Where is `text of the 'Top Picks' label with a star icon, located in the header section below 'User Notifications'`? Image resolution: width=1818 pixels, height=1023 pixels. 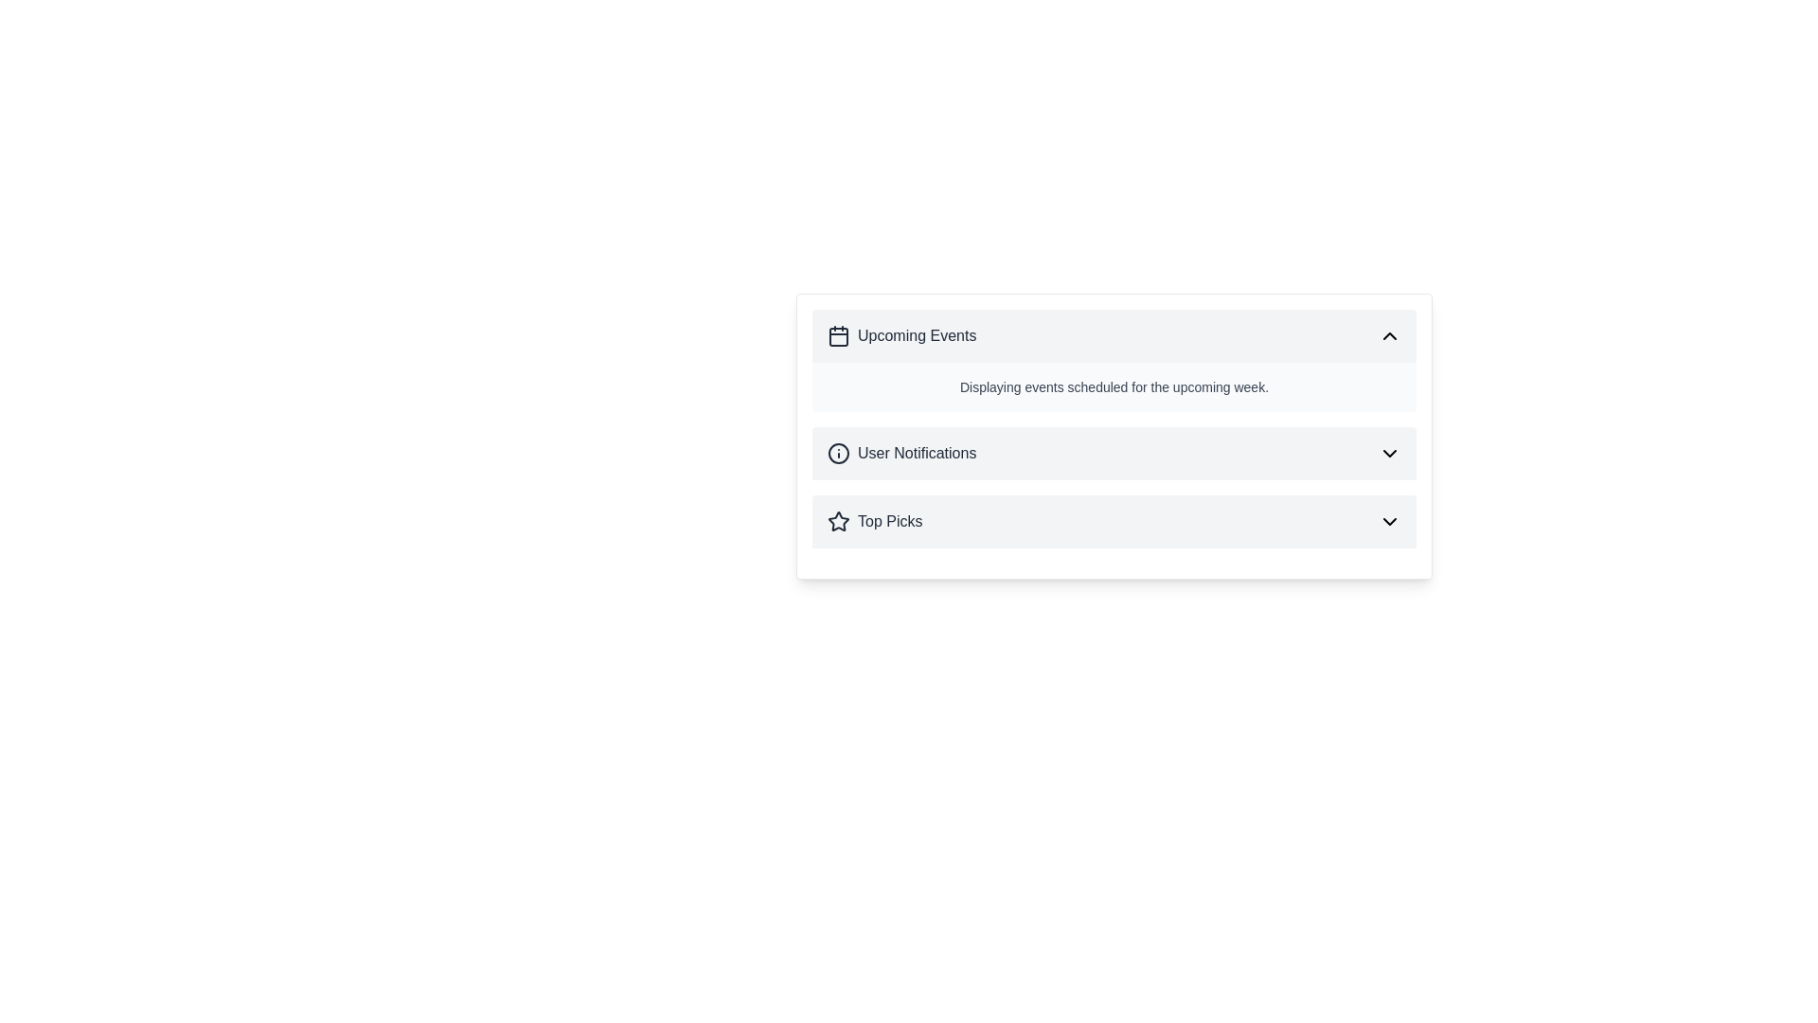 text of the 'Top Picks' label with a star icon, located in the header section below 'User Notifications' is located at coordinates (874, 522).